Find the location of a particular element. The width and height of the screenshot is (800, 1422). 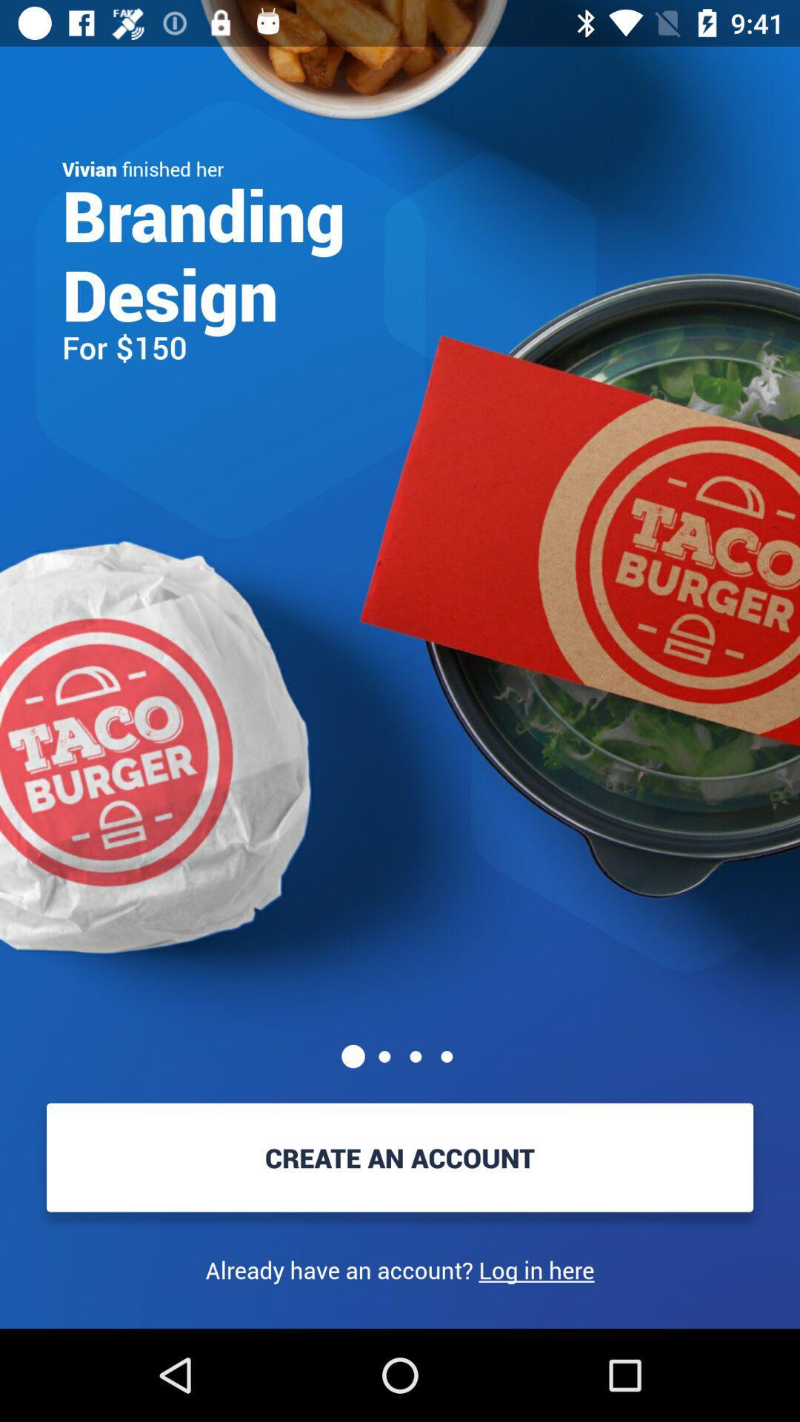

the already have an item is located at coordinates (400, 1269).